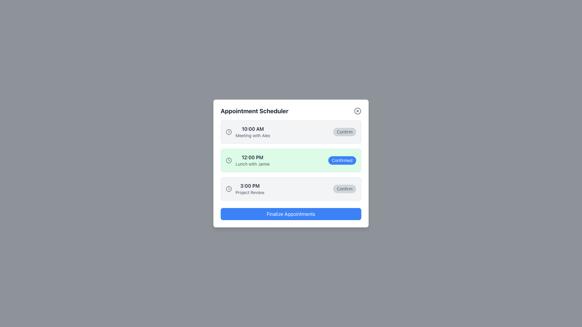  Describe the element at coordinates (228, 160) in the screenshot. I see `the circular graphical component of the clock icon representing the appointment for '12:00 PM Lunch with Jamie' in the appointment scheduler interface` at that location.